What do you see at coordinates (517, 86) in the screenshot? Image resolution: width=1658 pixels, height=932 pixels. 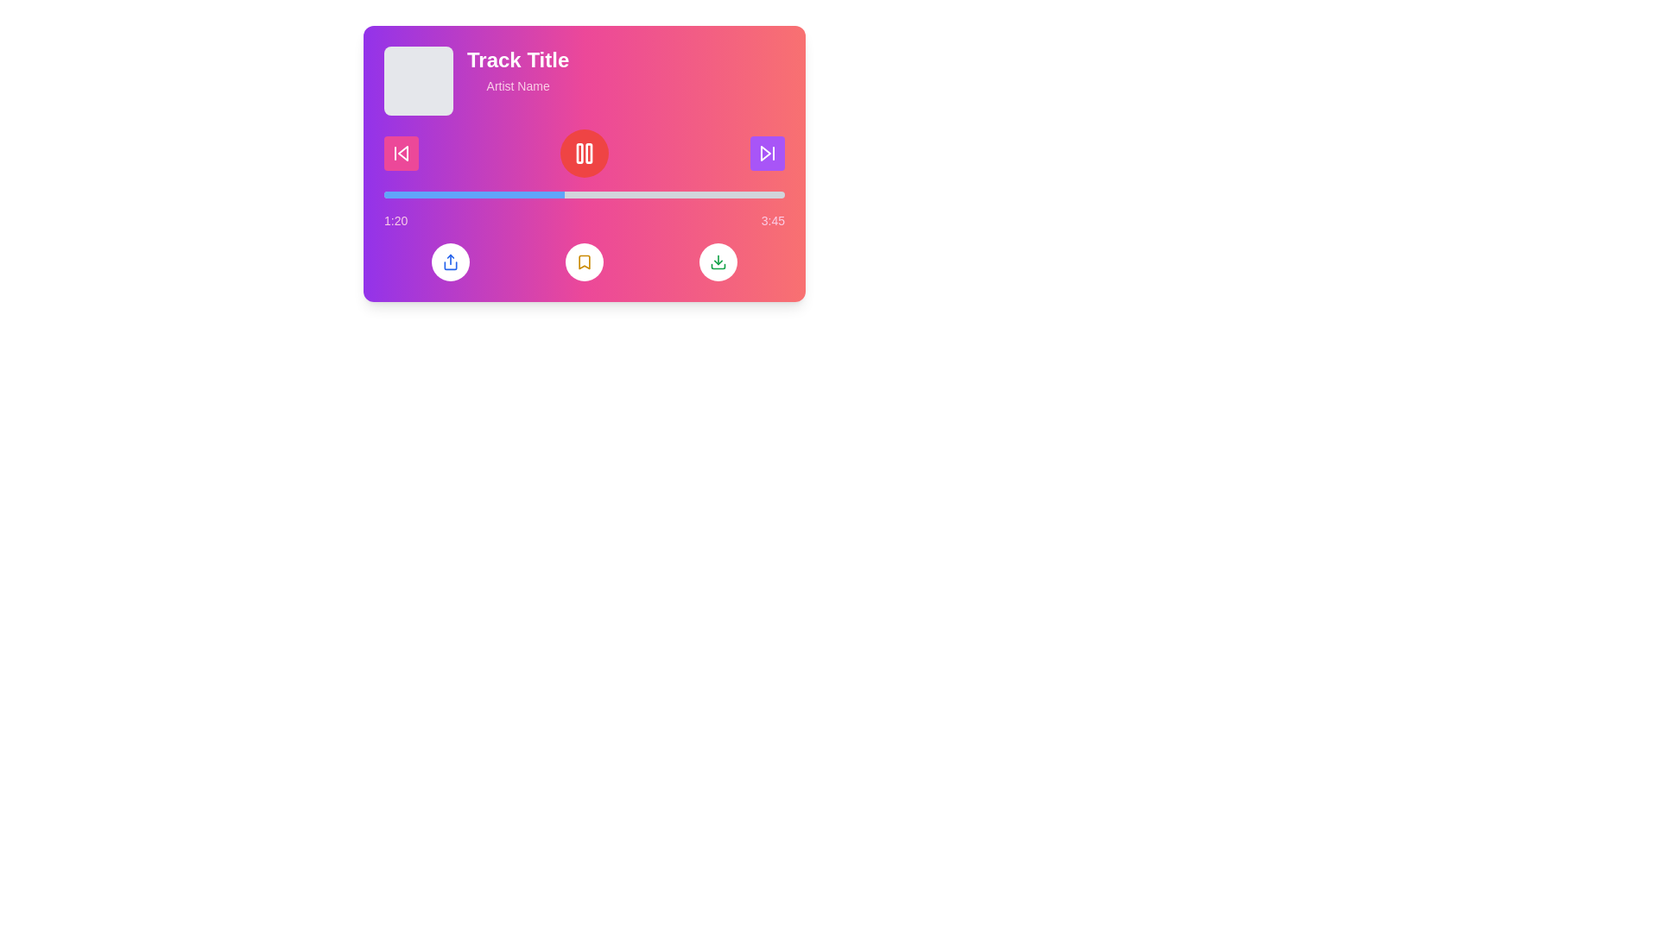 I see `the static text label displaying the artist's name, which is positioned beneath the 'Track Title' in the music player interface` at bounding box center [517, 86].